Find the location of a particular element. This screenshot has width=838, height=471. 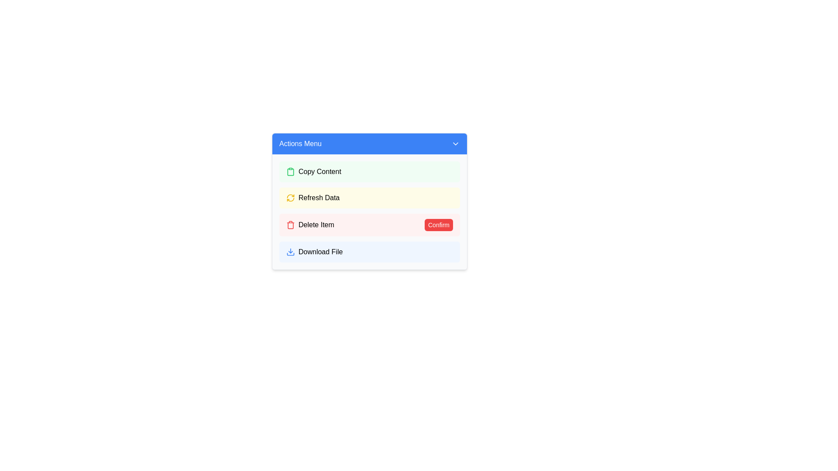

the refresh button located below the 'Copy Content' button and above the 'Delete Item' button in the vertical menu is located at coordinates (369, 198).